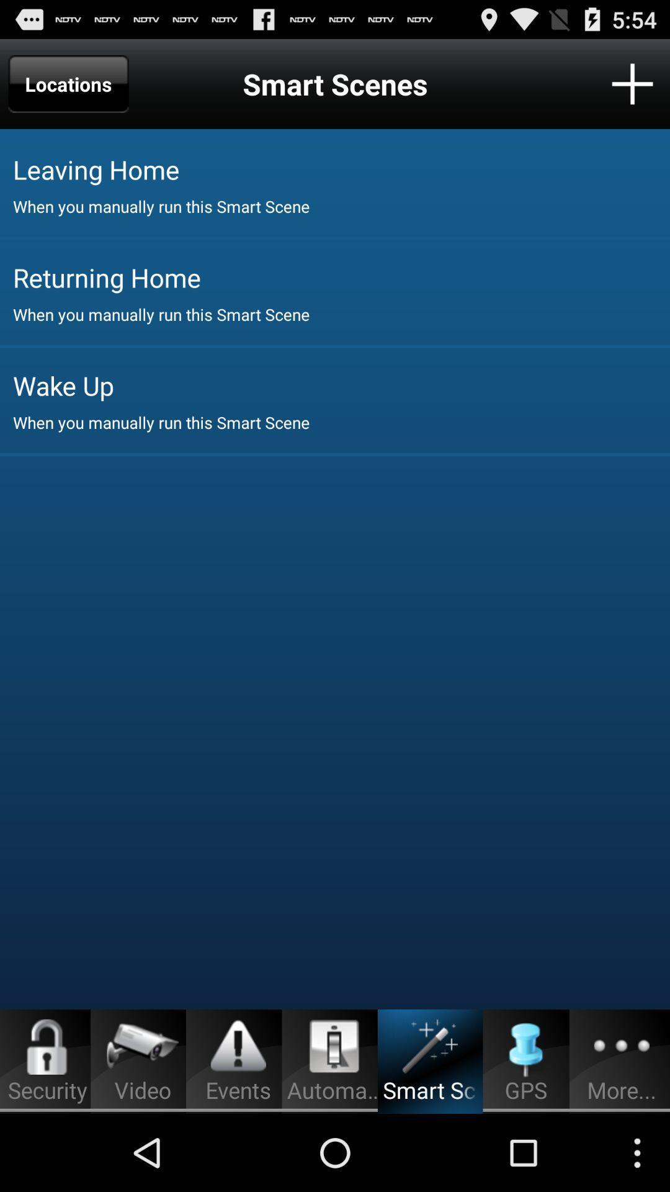 The height and width of the screenshot is (1192, 670). What do you see at coordinates (341, 169) in the screenshot?
I see `leaving home icon` at bounding box center [341, 169].